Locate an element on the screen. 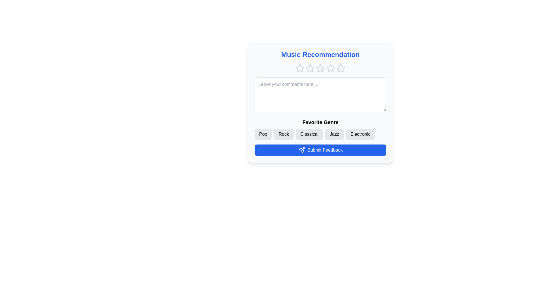  the rectangular button with a blue background and white text that reads 'Submit Feedback' located at the bottom of the 'Music Recommendation' card is located at coordinates (320, 150).